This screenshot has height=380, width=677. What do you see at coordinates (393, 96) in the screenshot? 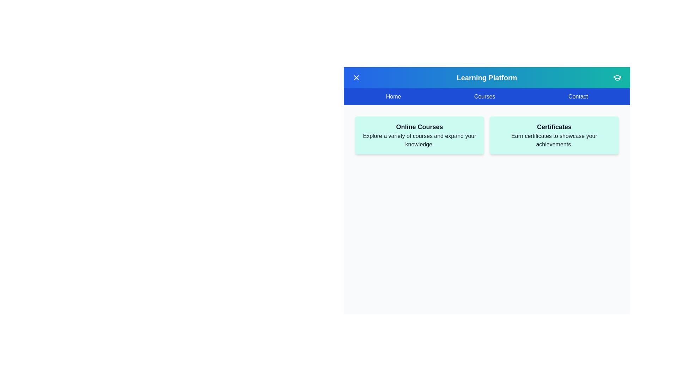
I see `the menu item Home to observe the hover effect` at bounding box center [393, 96].